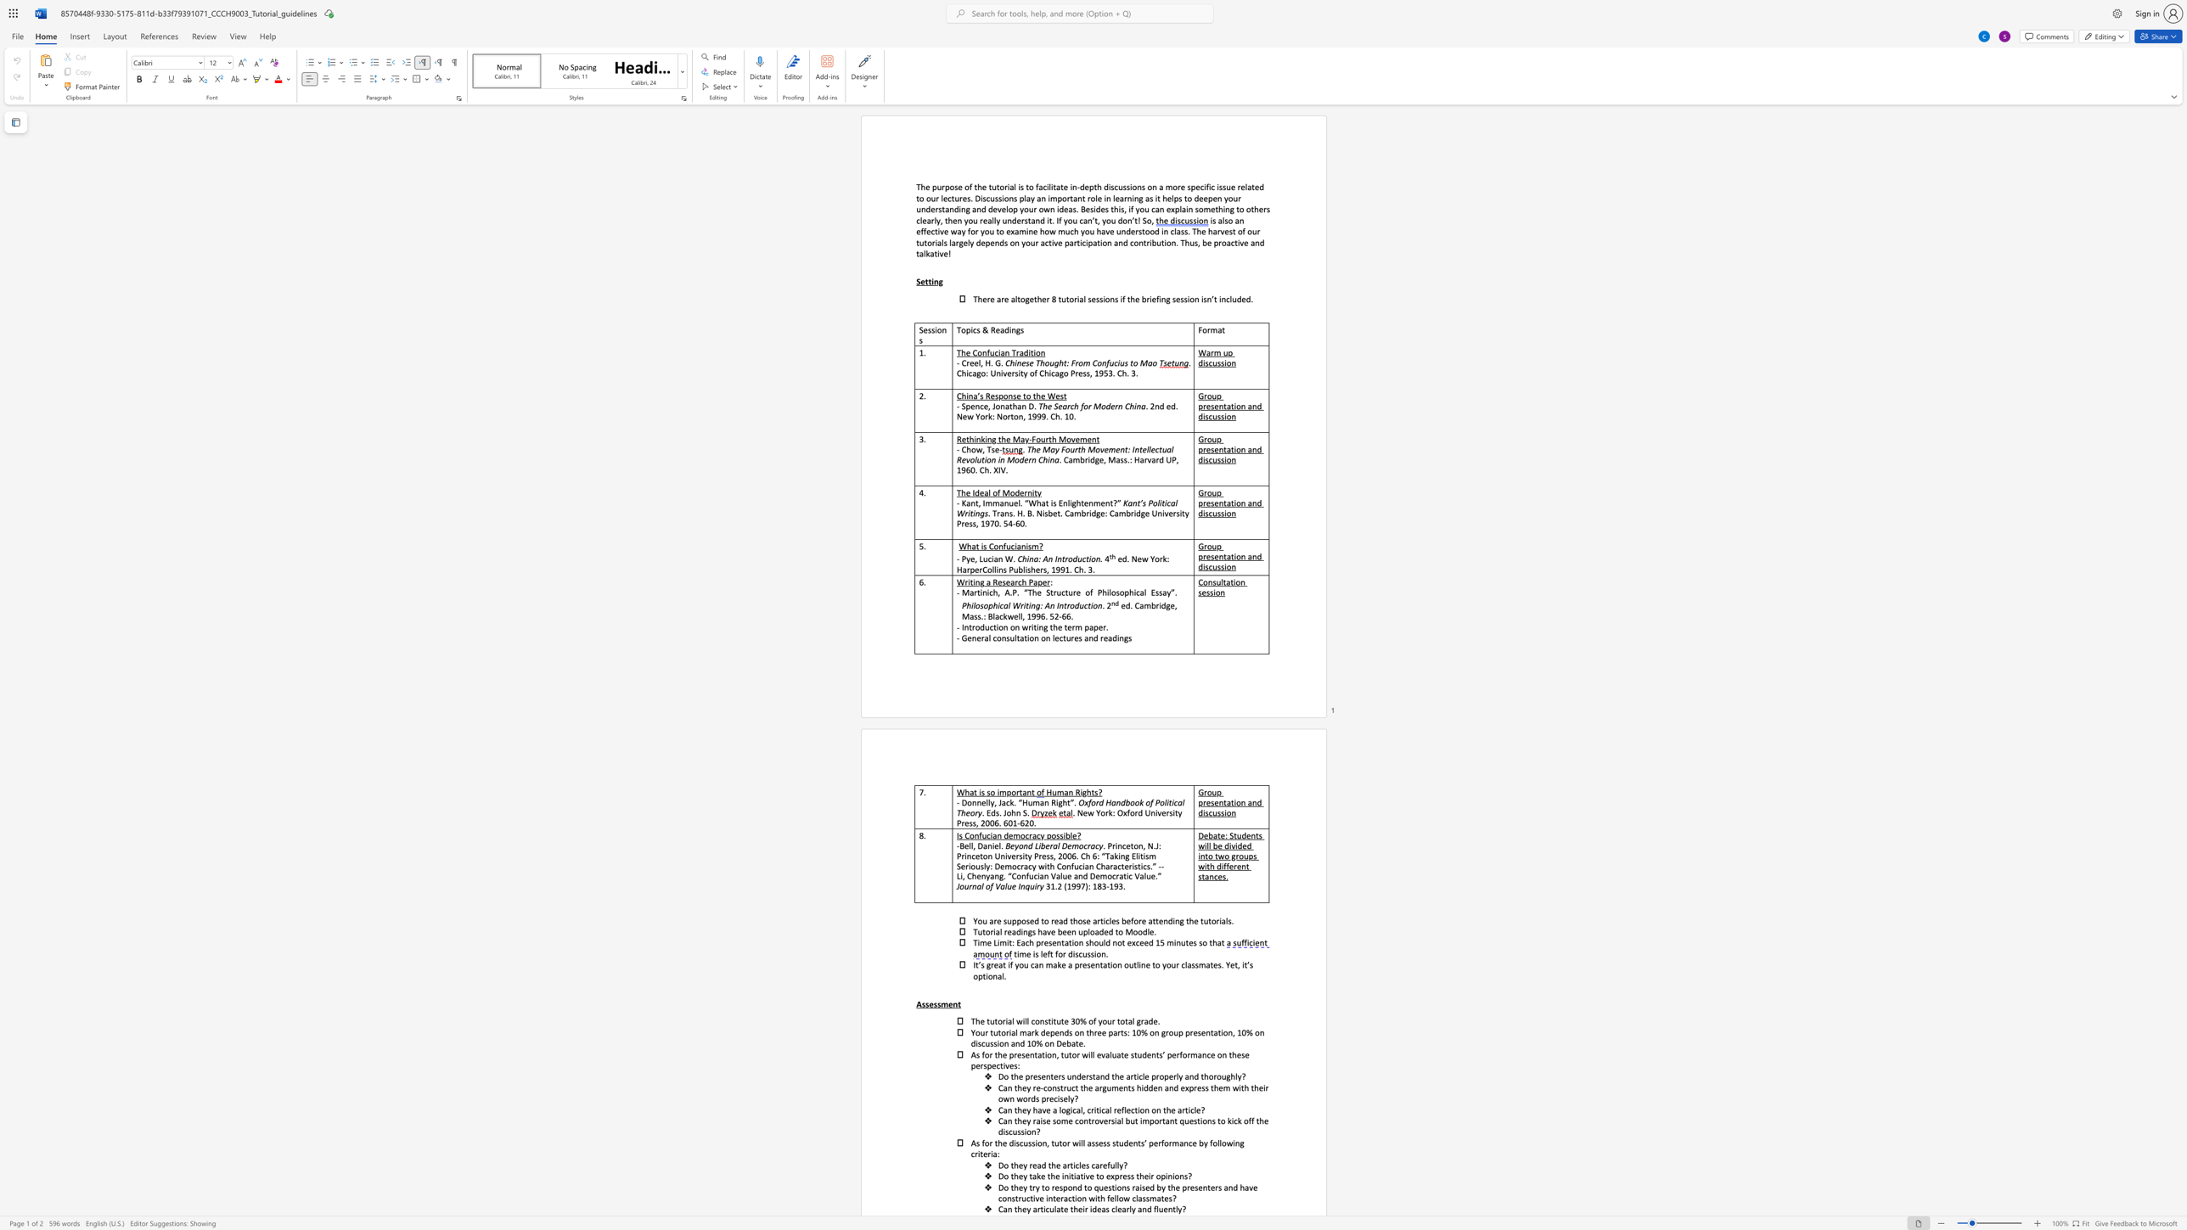 This screenshot has width=2187, height=1230. Describe the element at coordinates (1064, 198) in the screenshot. I see `the 1th character "o" in the text` at that location.